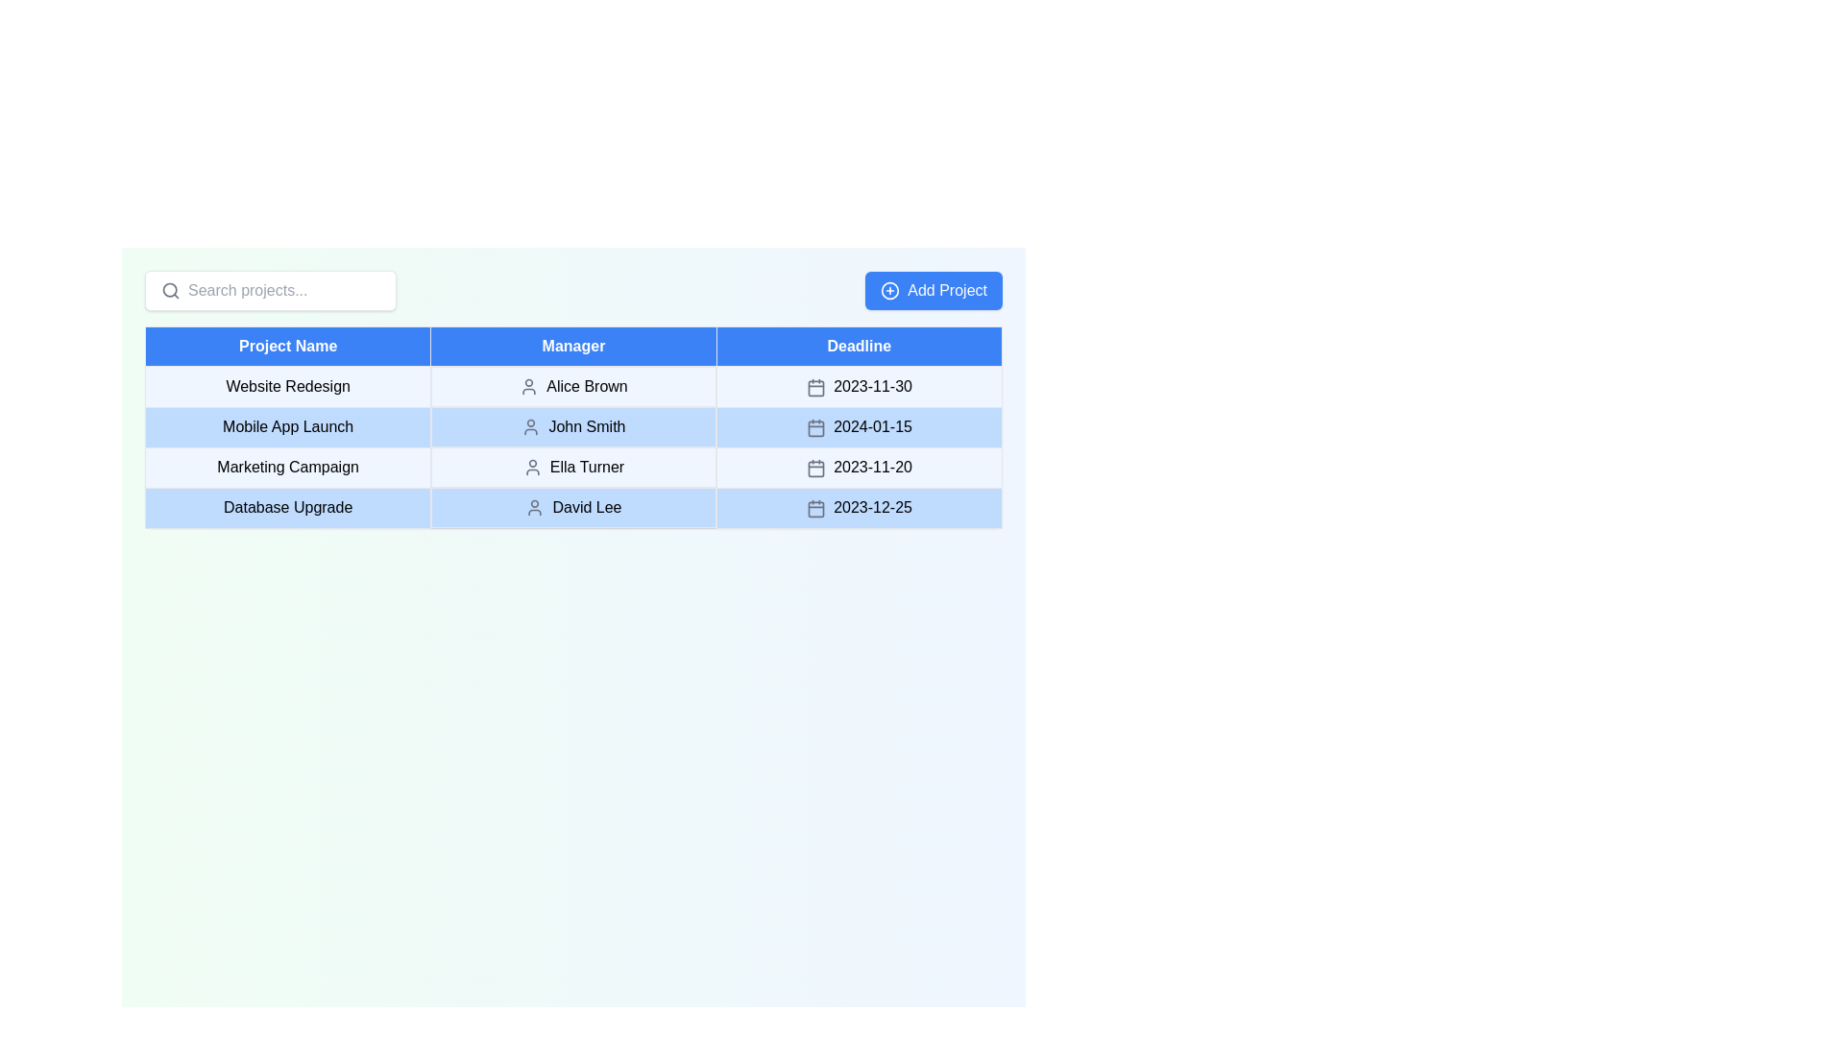 The height and width of the screenshot is (1037, 1844). What do you see at coordinates (572, 506) in the screenshot?
I see `the text element displaying the manager's name associated with the project 'Database Upgrade' in the second column of the table` at bounding box center [572, 506].